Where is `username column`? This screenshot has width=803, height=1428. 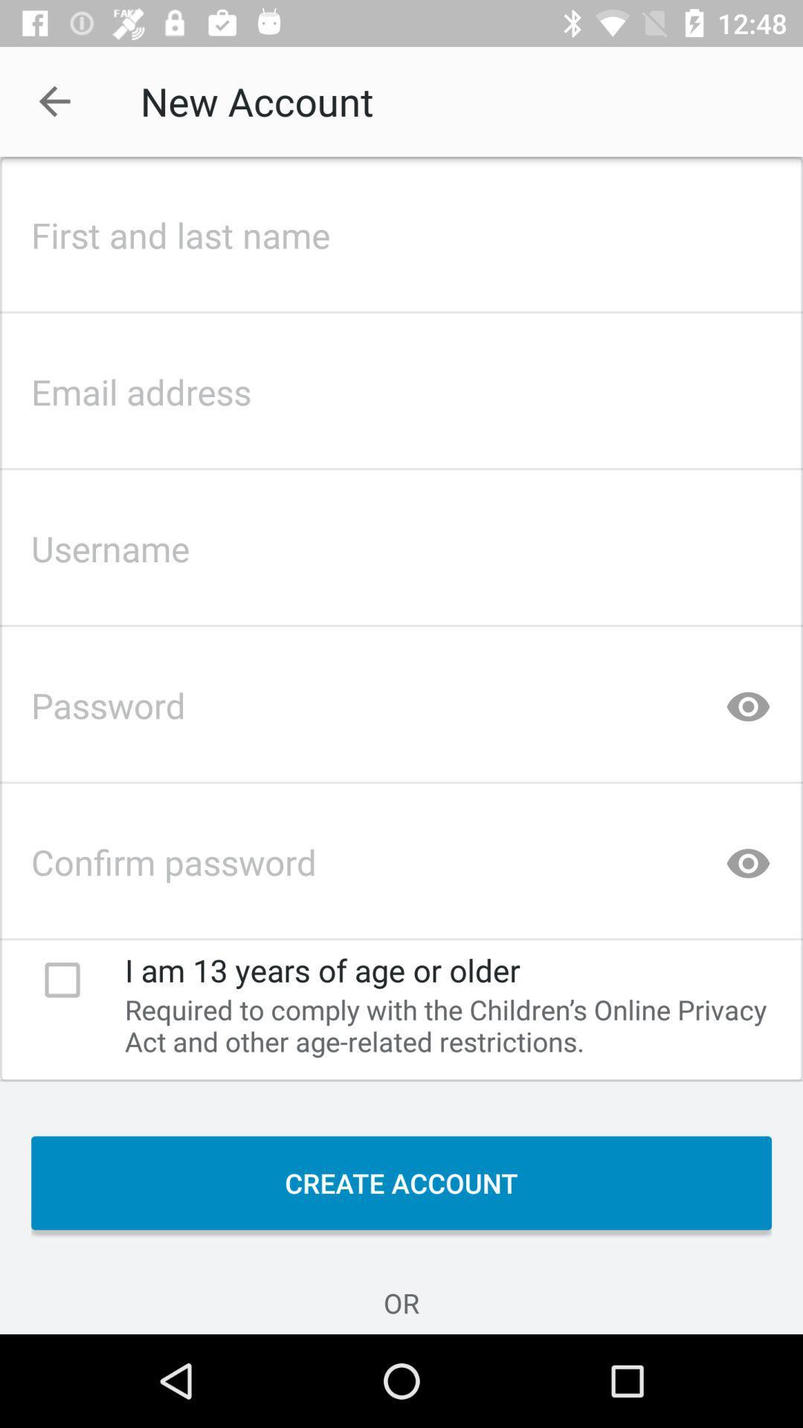
username column is located at coordinates (401, 543).